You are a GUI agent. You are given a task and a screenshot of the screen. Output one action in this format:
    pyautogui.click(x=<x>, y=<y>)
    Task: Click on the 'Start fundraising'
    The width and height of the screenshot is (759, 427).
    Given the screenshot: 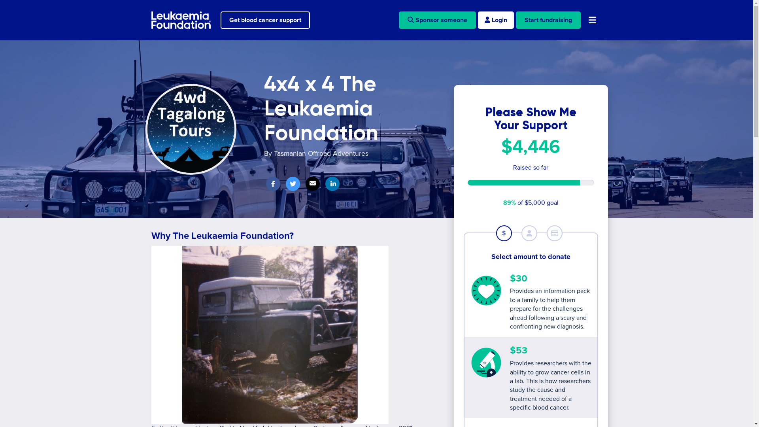 What is the action you would take?
    pyautogui.click(x=548, y=19)
    